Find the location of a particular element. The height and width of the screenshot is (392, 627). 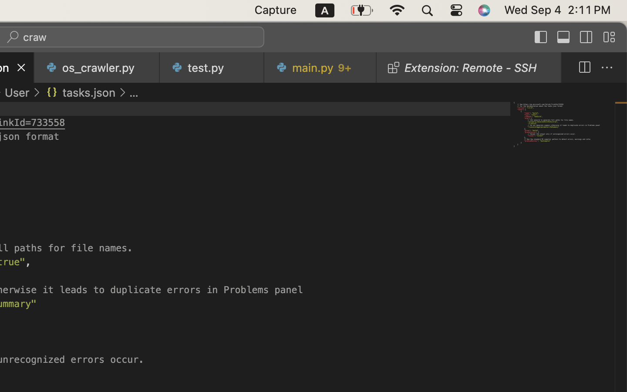

'tasks.json ' is located at coordinates (80, 92).